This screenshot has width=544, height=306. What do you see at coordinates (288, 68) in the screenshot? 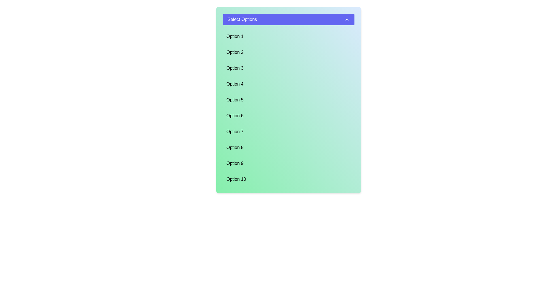
I see `the List Item element labeled 'Option 3'` at bounding box center [288, 68].